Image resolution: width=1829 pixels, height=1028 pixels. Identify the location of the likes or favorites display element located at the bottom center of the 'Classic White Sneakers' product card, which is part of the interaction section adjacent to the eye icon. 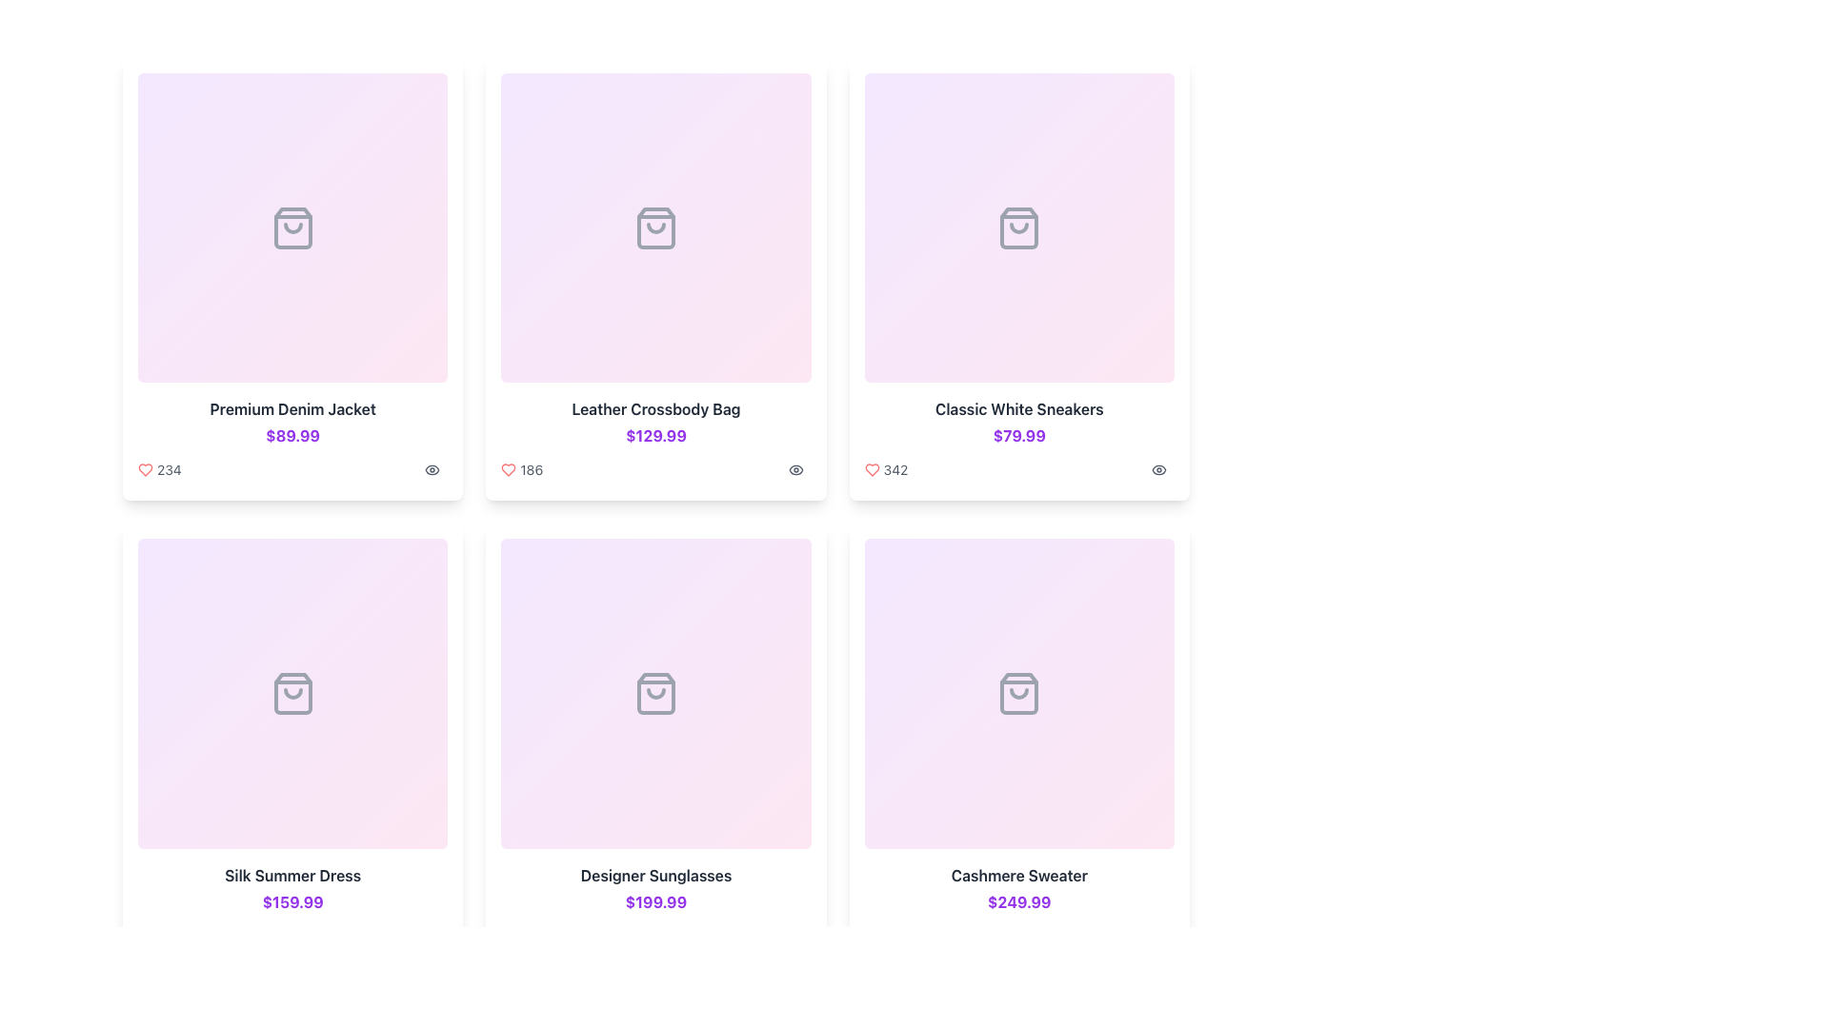
(885, 470).